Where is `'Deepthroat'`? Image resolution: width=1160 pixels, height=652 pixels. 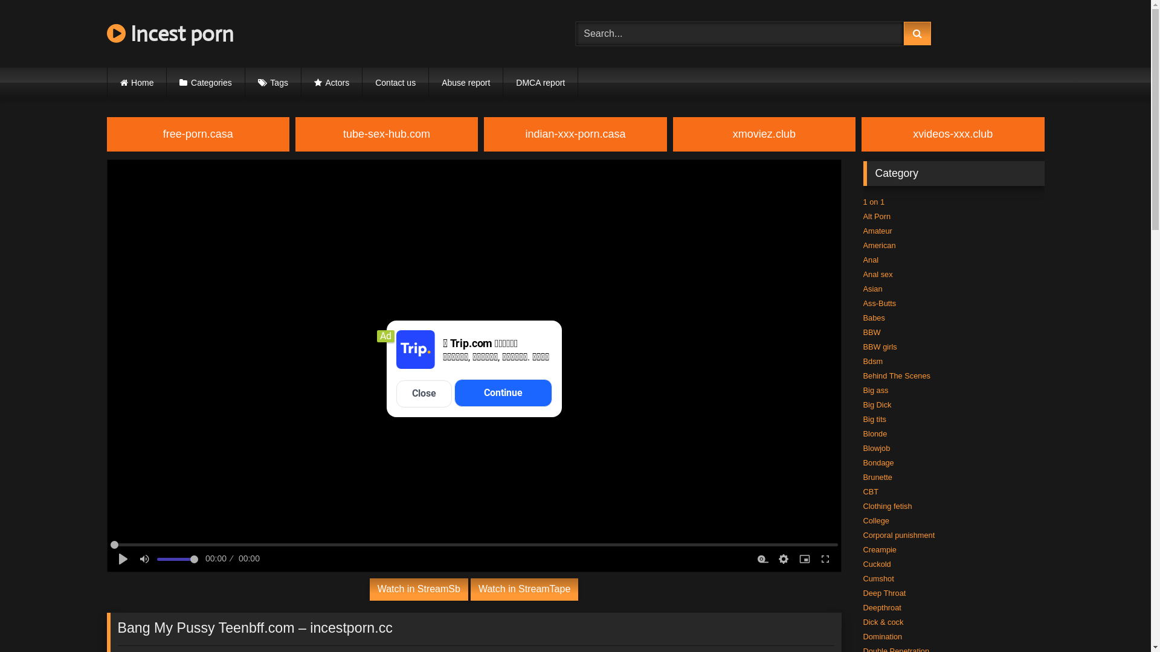 'Deepthroat' is located at coordinates (881, 607).